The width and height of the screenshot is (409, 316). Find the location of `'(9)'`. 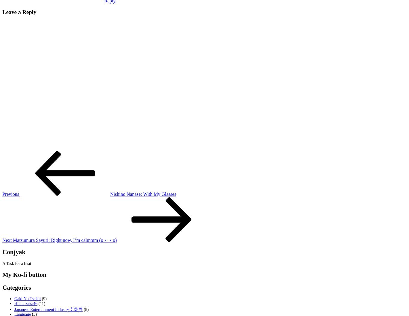

'(9)' is located at coordinates (43, 298).